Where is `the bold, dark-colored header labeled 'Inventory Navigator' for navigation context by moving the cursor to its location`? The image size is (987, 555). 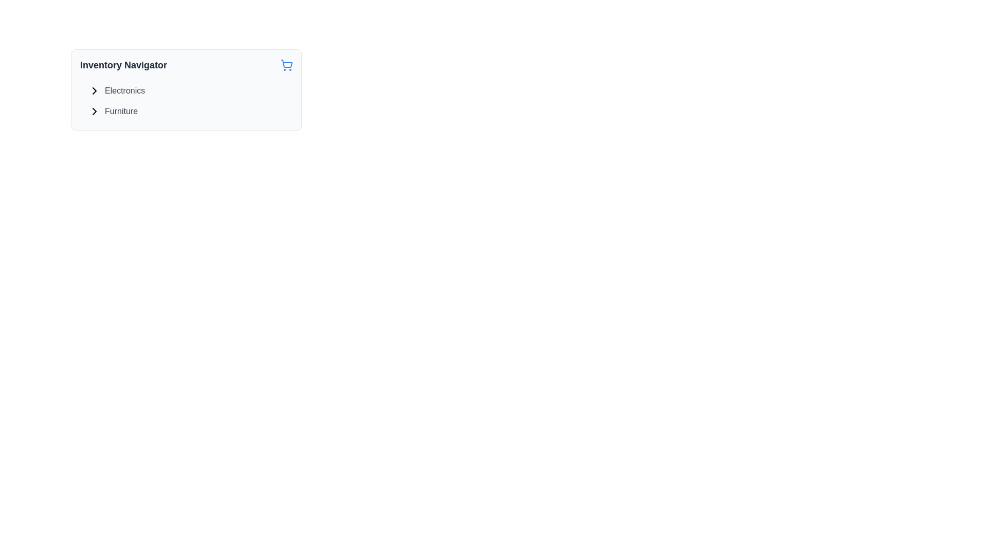 the bold, dark-colored header labeled 'Inventory Navigator' for navigation context by moving the cursor to its location is located at coordinates (123, 65).